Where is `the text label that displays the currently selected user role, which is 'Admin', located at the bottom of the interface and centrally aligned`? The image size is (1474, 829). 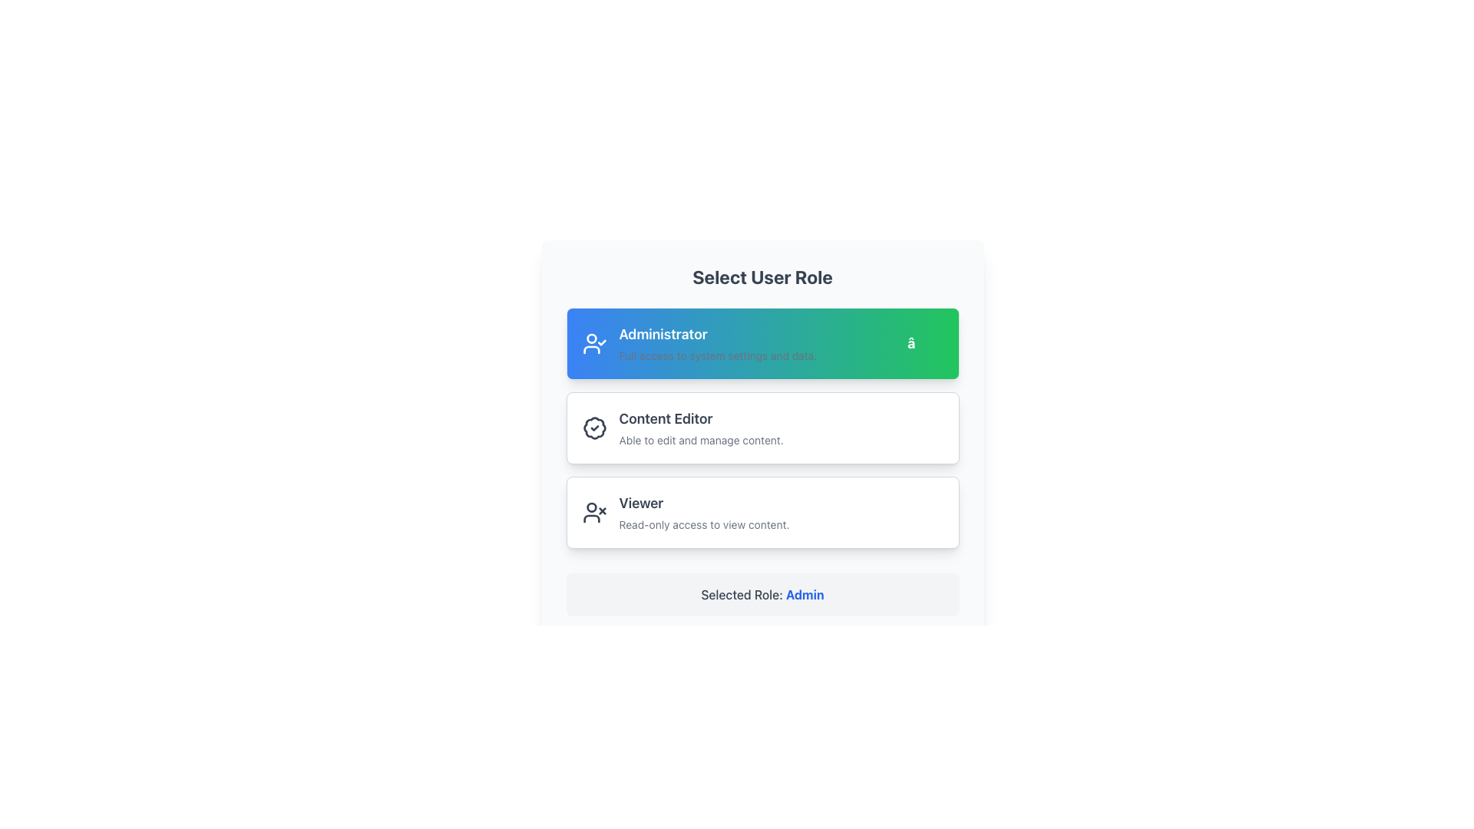 the text label that displays the currently selected user role, which is 'Admin', located at the bottom of the interface and centrally aligned is located at coordinates (762, 594).